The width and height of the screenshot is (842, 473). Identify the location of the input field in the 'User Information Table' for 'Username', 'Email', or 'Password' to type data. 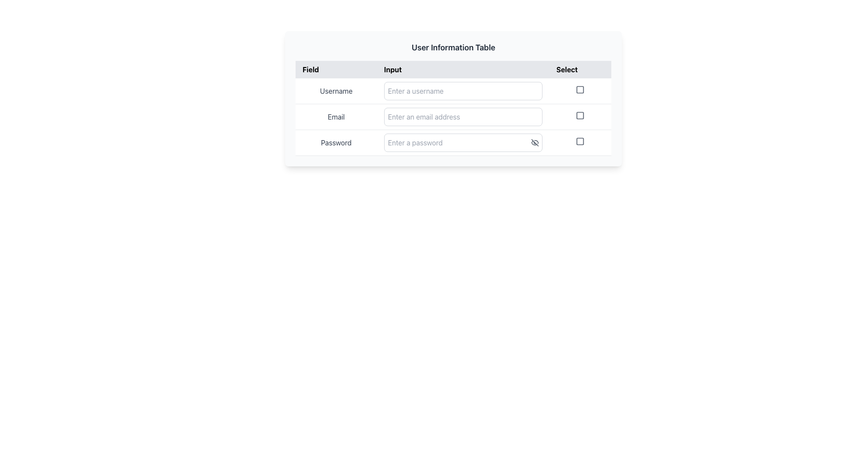
(453, 116).